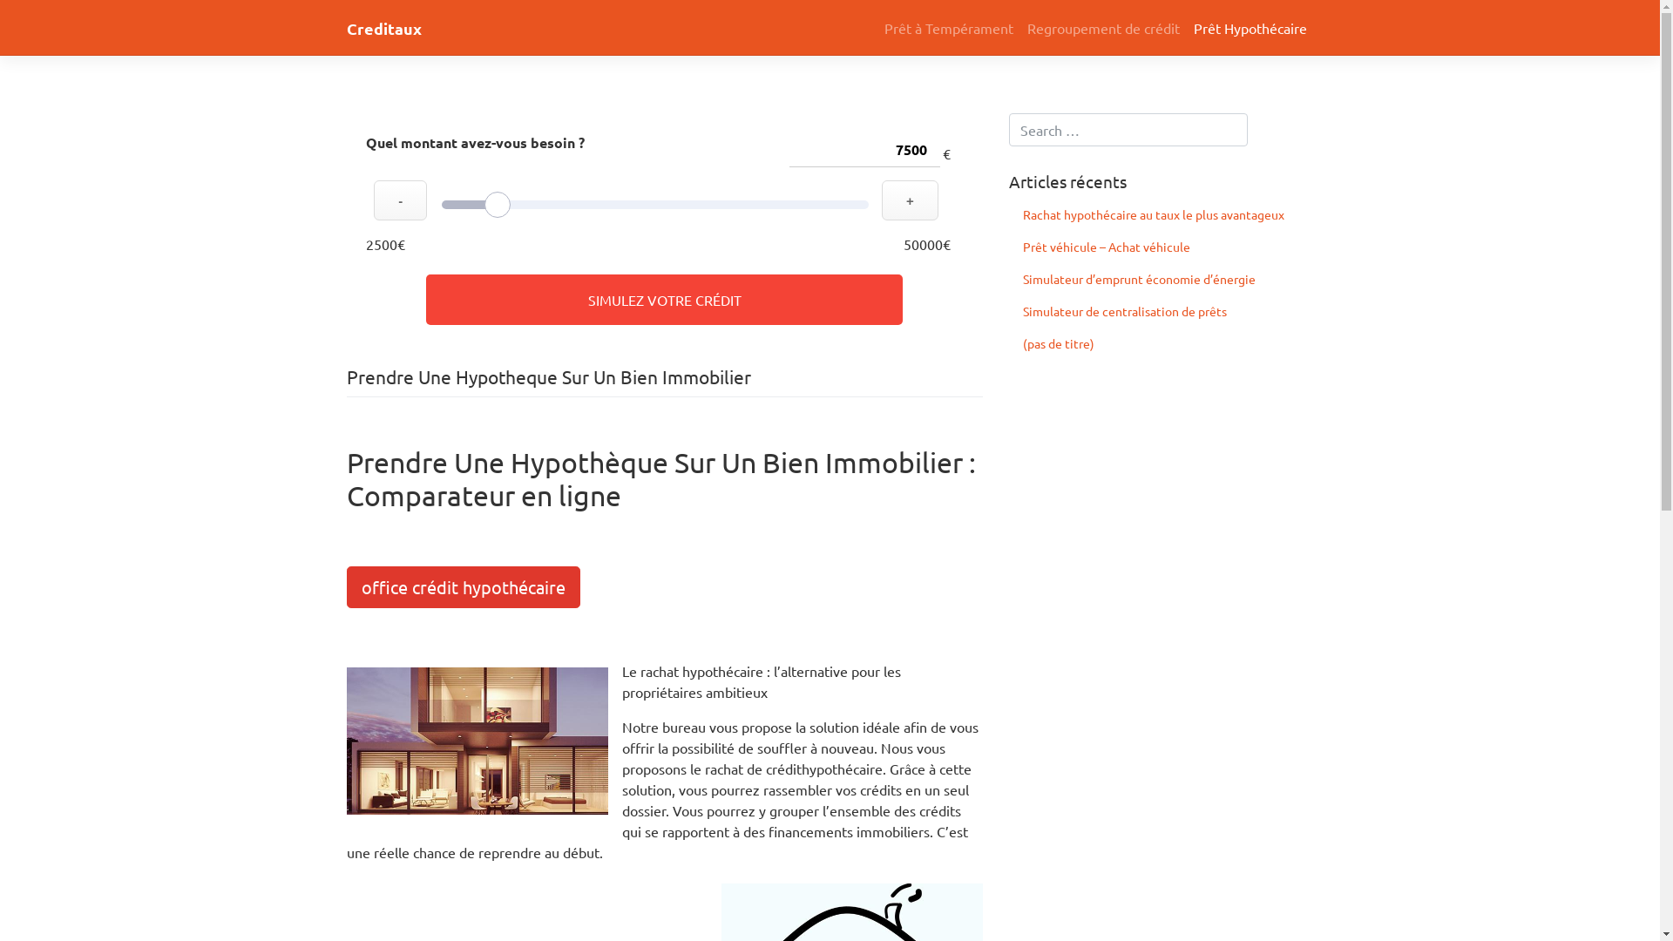 The width and height of the screenshot is (1673, 941). Describe the element at coordinates (882, 200) in the screenshot. I see `'+'` at that location.